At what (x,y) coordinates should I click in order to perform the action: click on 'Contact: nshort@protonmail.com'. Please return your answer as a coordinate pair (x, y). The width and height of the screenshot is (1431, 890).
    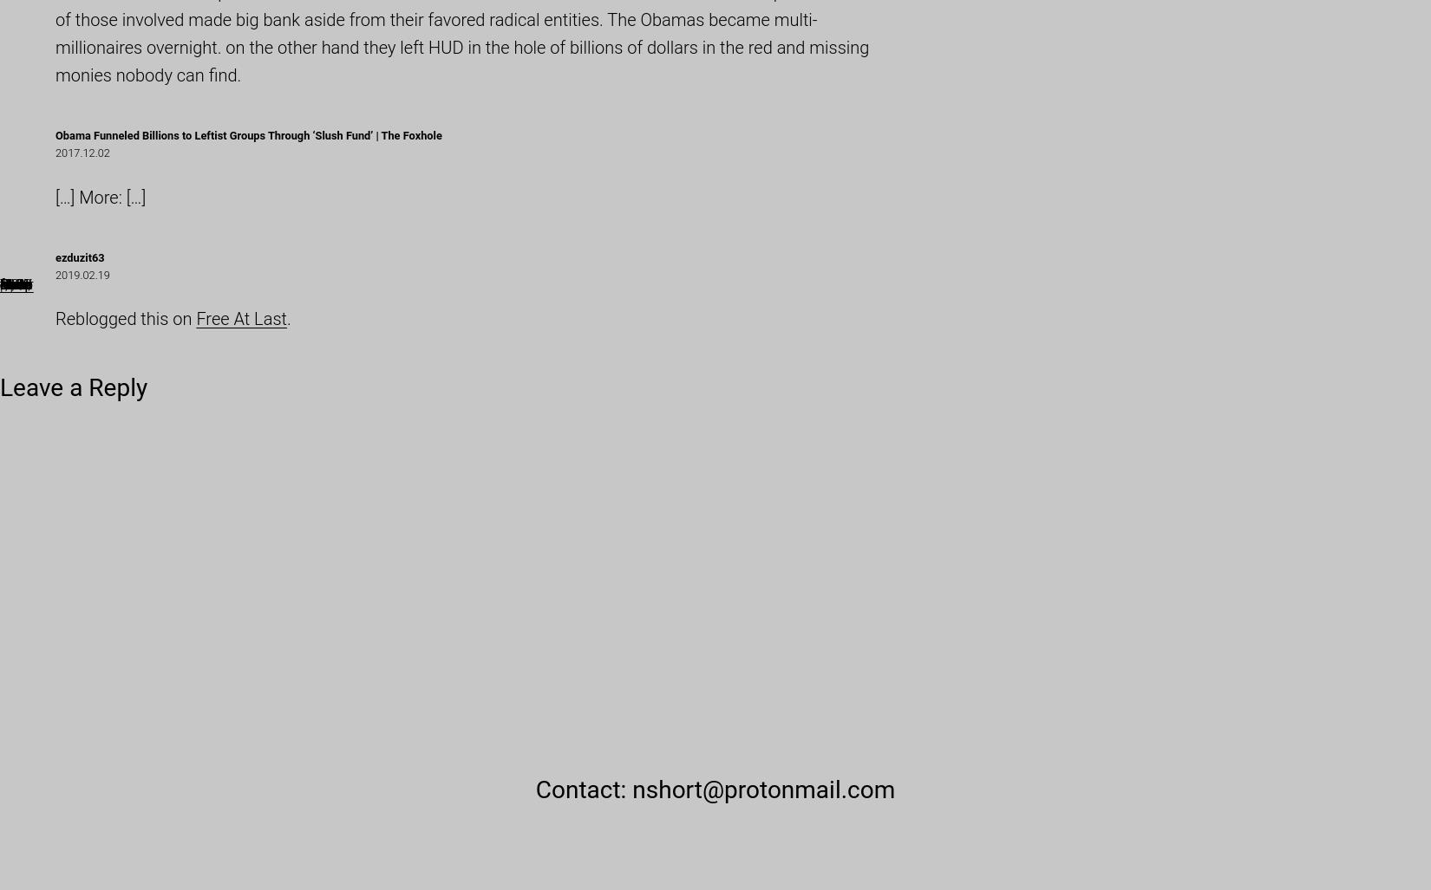
    Looking at the image, I should click on (714, 789).